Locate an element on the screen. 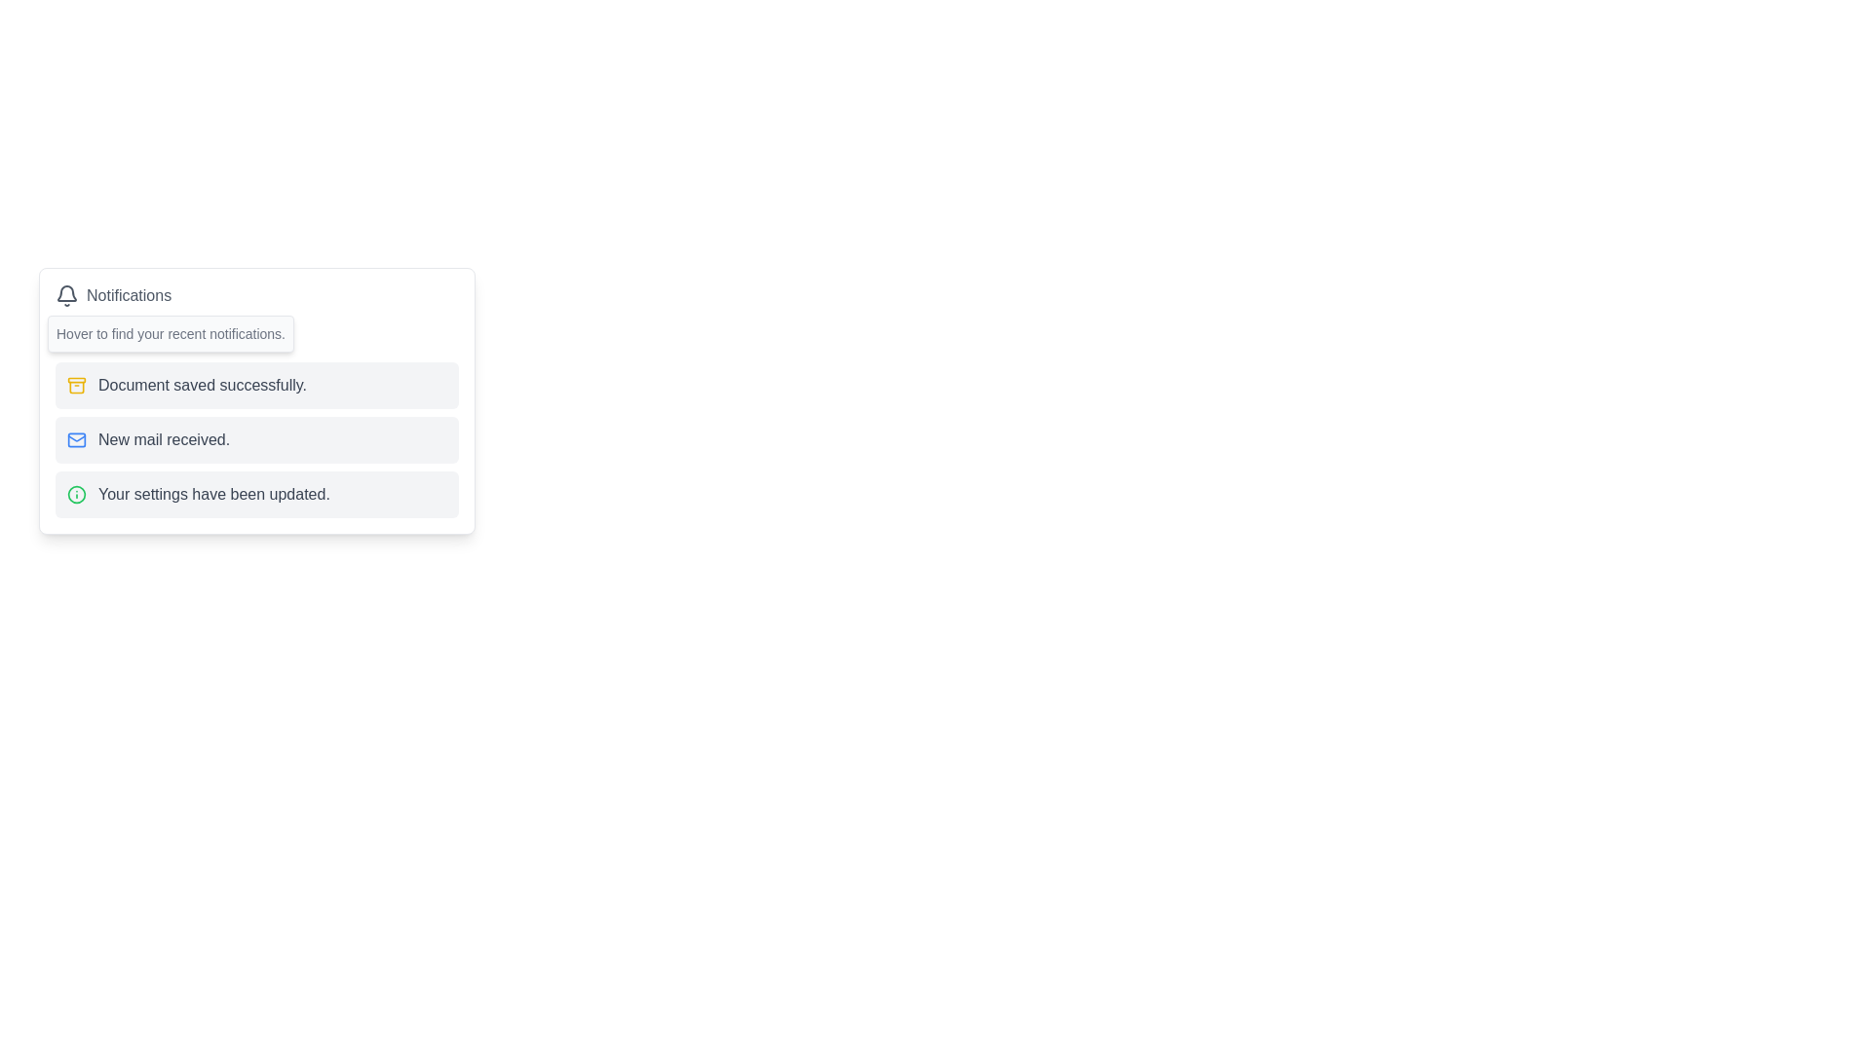  the small bell icon located in the top-left corner of the notification panel, which is styled in minimalistic line art and is positioned next to the 'Notifications' heading is located at coordinates (66, 296).